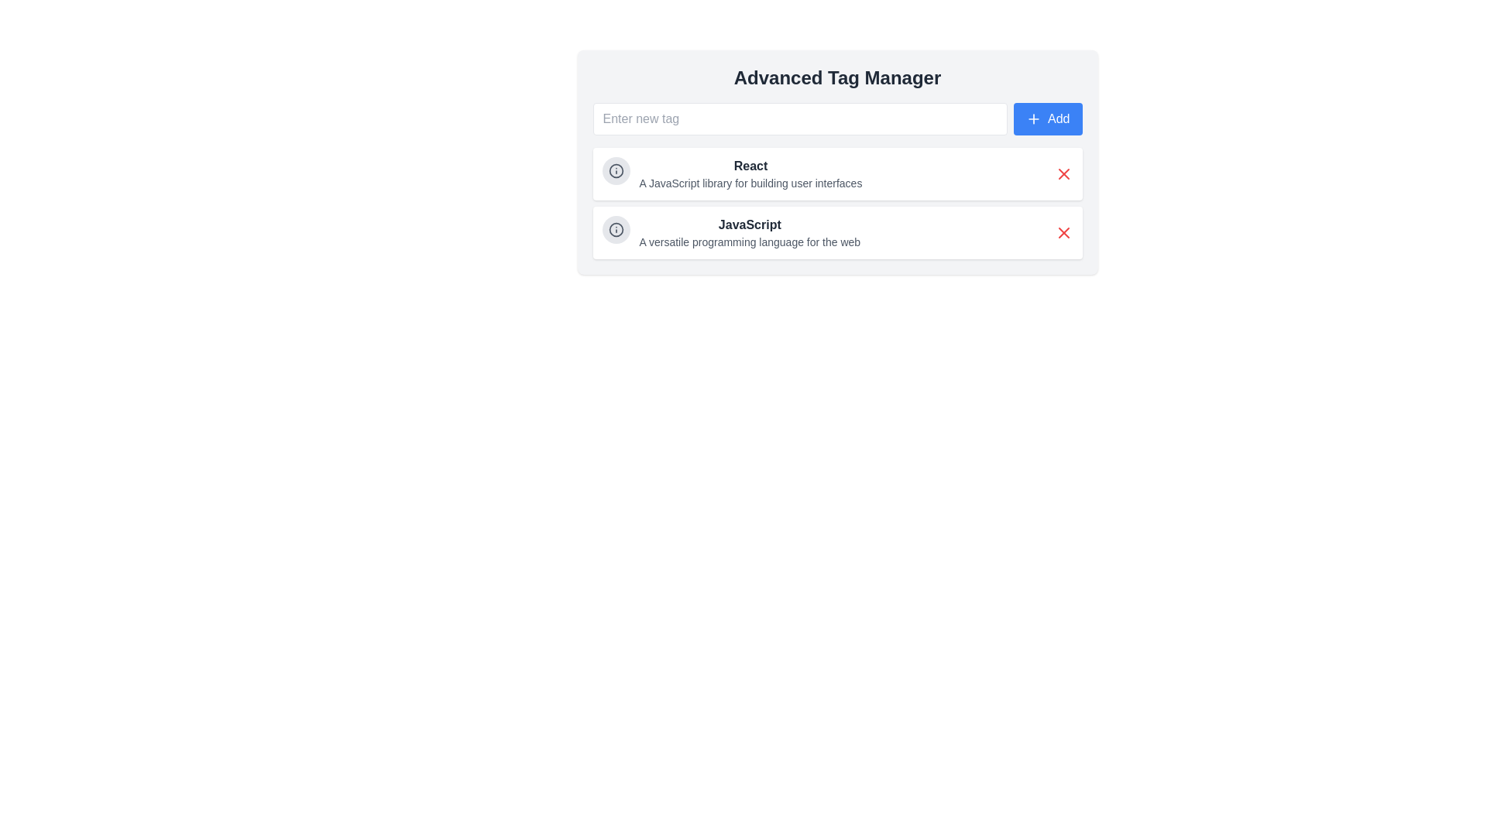 Image resolution: width=1487 pixels, height=836 pixels. What do you see at coordinates (1048, 118) in the screenshot?
I see `the 'Add' button located to the right of the text input field` at bounding box center [1048, 118].